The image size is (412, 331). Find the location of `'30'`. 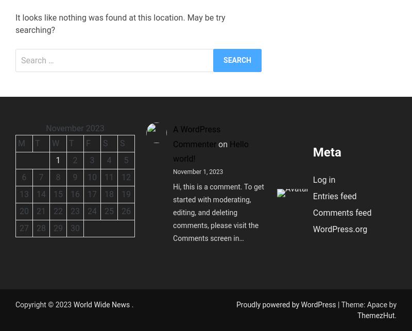

'30' is located at coordinates (75, 227).